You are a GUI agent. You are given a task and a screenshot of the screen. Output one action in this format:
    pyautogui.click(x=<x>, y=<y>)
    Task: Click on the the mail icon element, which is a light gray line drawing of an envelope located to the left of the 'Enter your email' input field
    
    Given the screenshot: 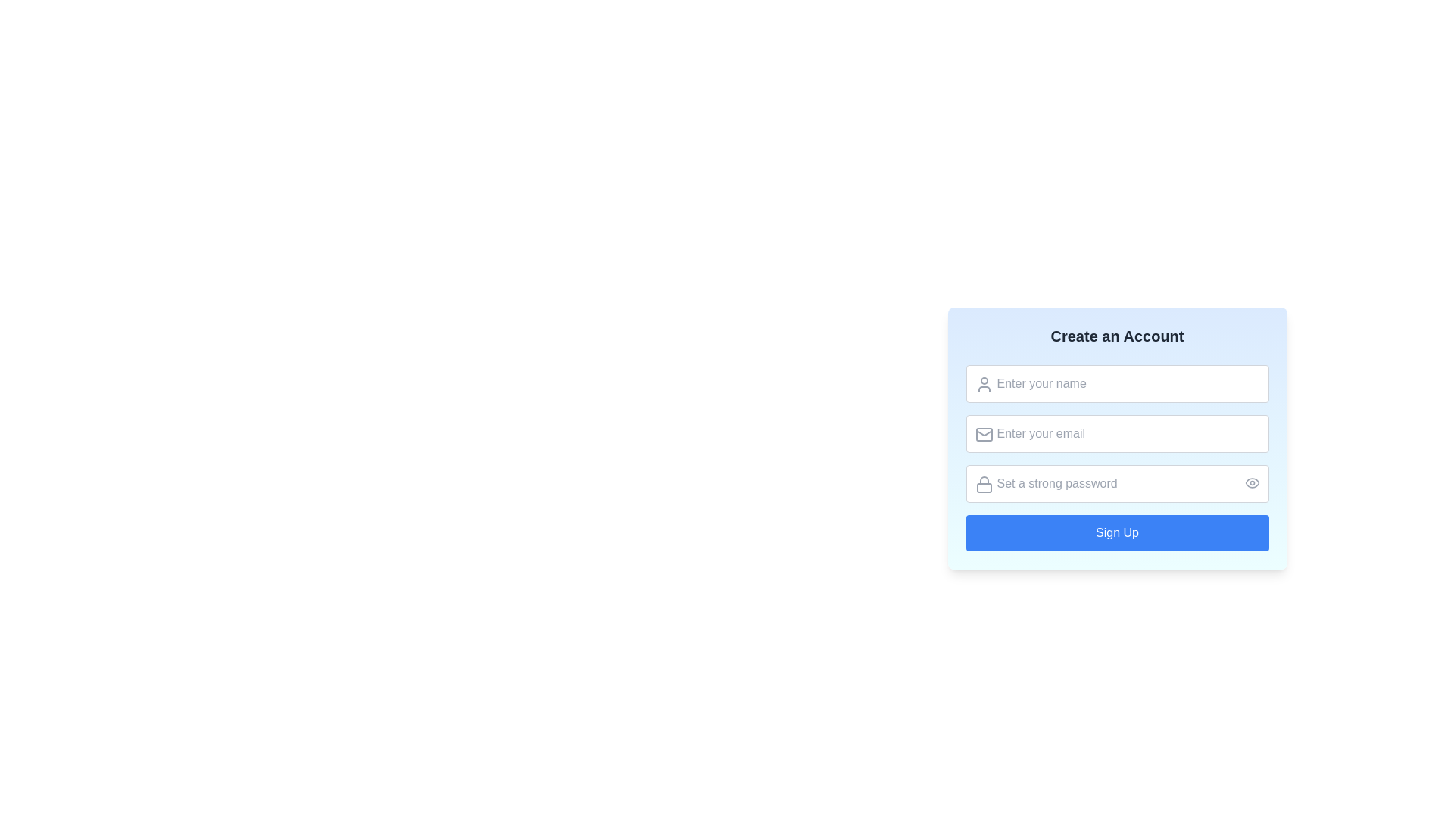 What is the action you would take?
    pyautogui.click(x=984, y=435)
    